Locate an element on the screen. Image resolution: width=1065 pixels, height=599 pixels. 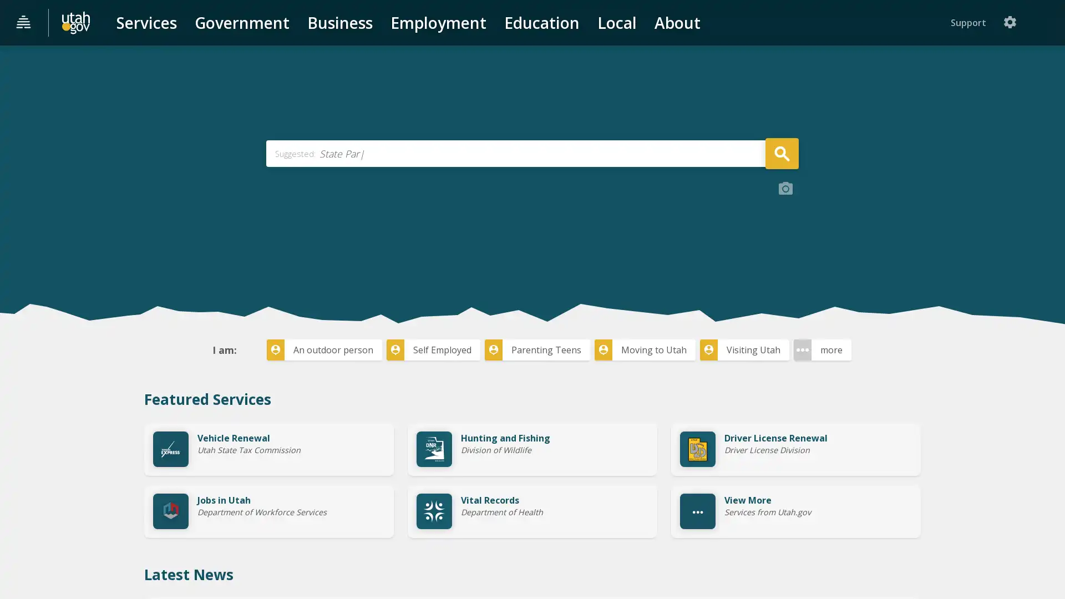
Menu is located at coordinates (24, 23).